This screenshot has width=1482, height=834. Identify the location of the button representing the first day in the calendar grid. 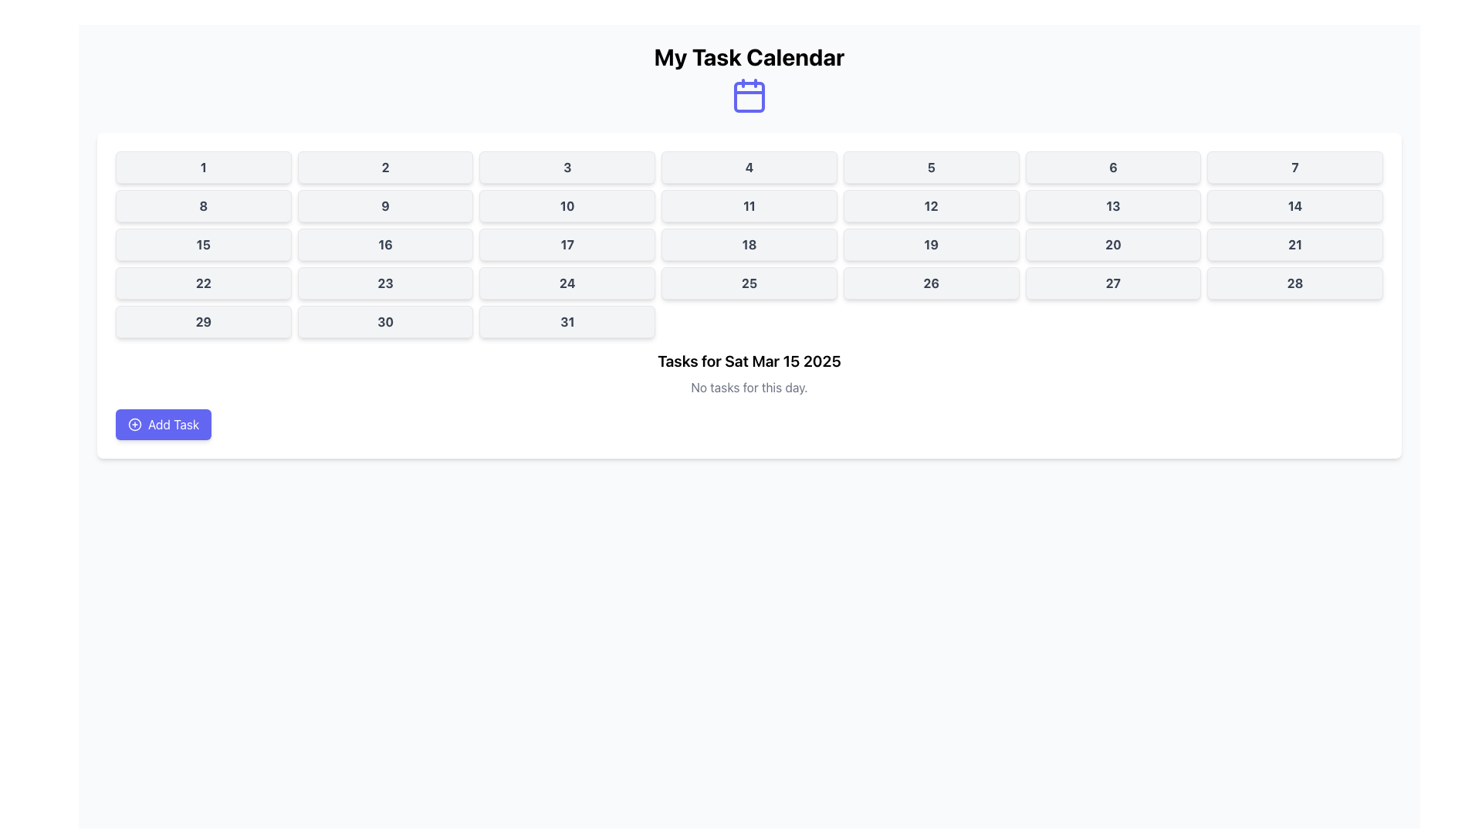
(202, 167).